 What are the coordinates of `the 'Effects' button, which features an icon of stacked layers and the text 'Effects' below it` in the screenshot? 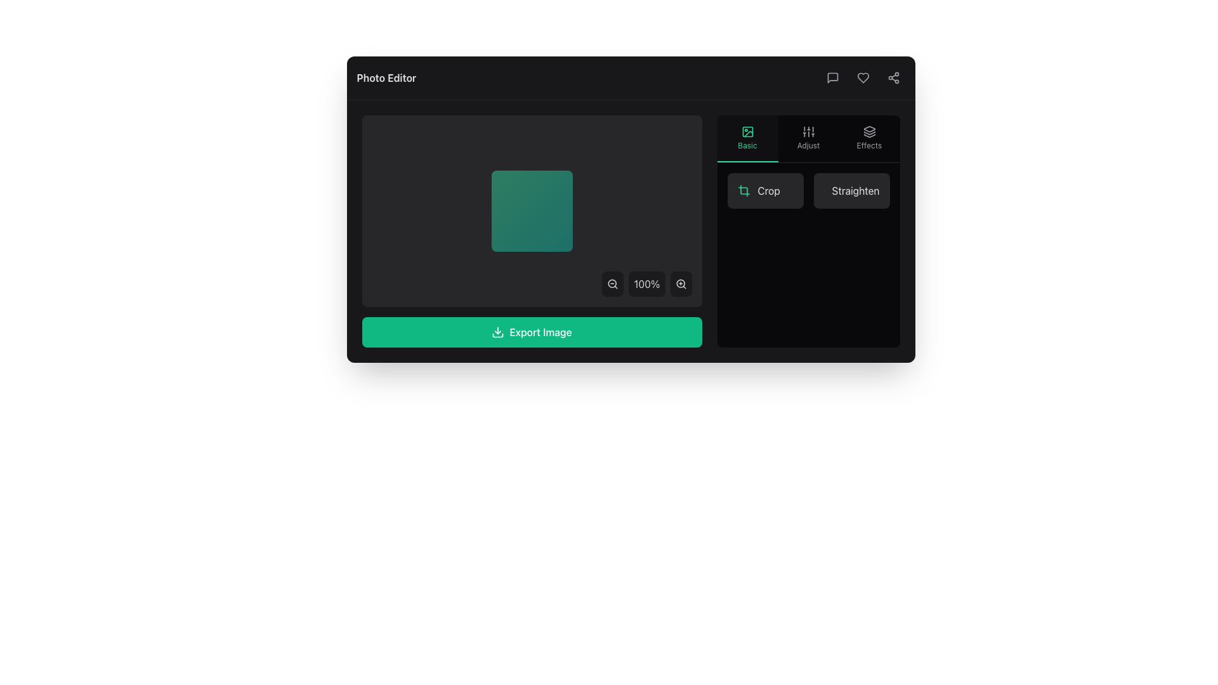 It's located at (868, 139).